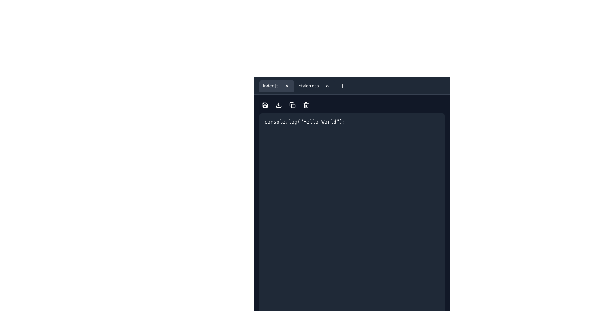  I want to click on the 'copy' icon located centrally in the application's toolbar to initiate the copy to clipboard action, so click(293, 105).